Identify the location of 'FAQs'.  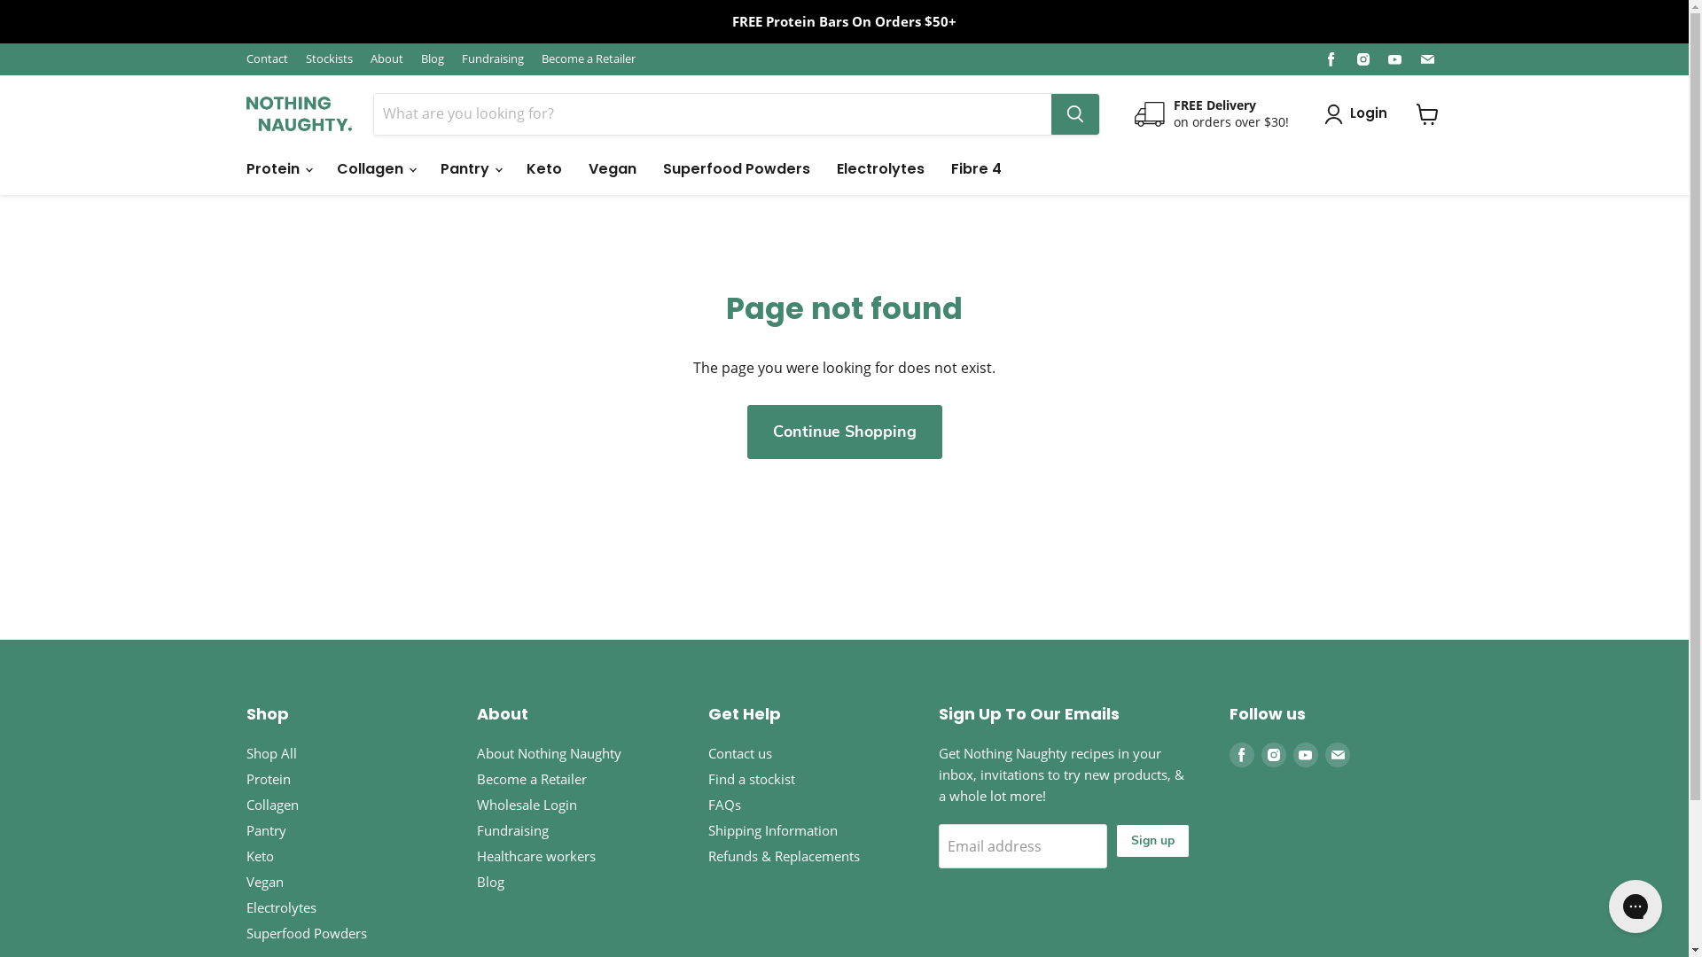
(723, 804).